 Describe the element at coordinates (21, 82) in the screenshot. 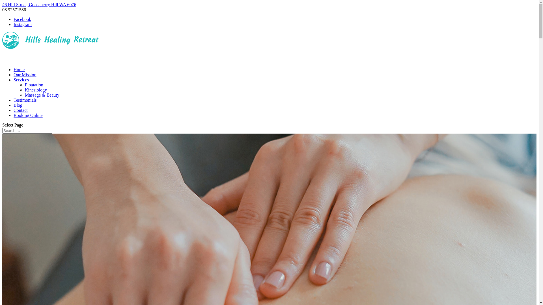

I see `'Services'` at that location.